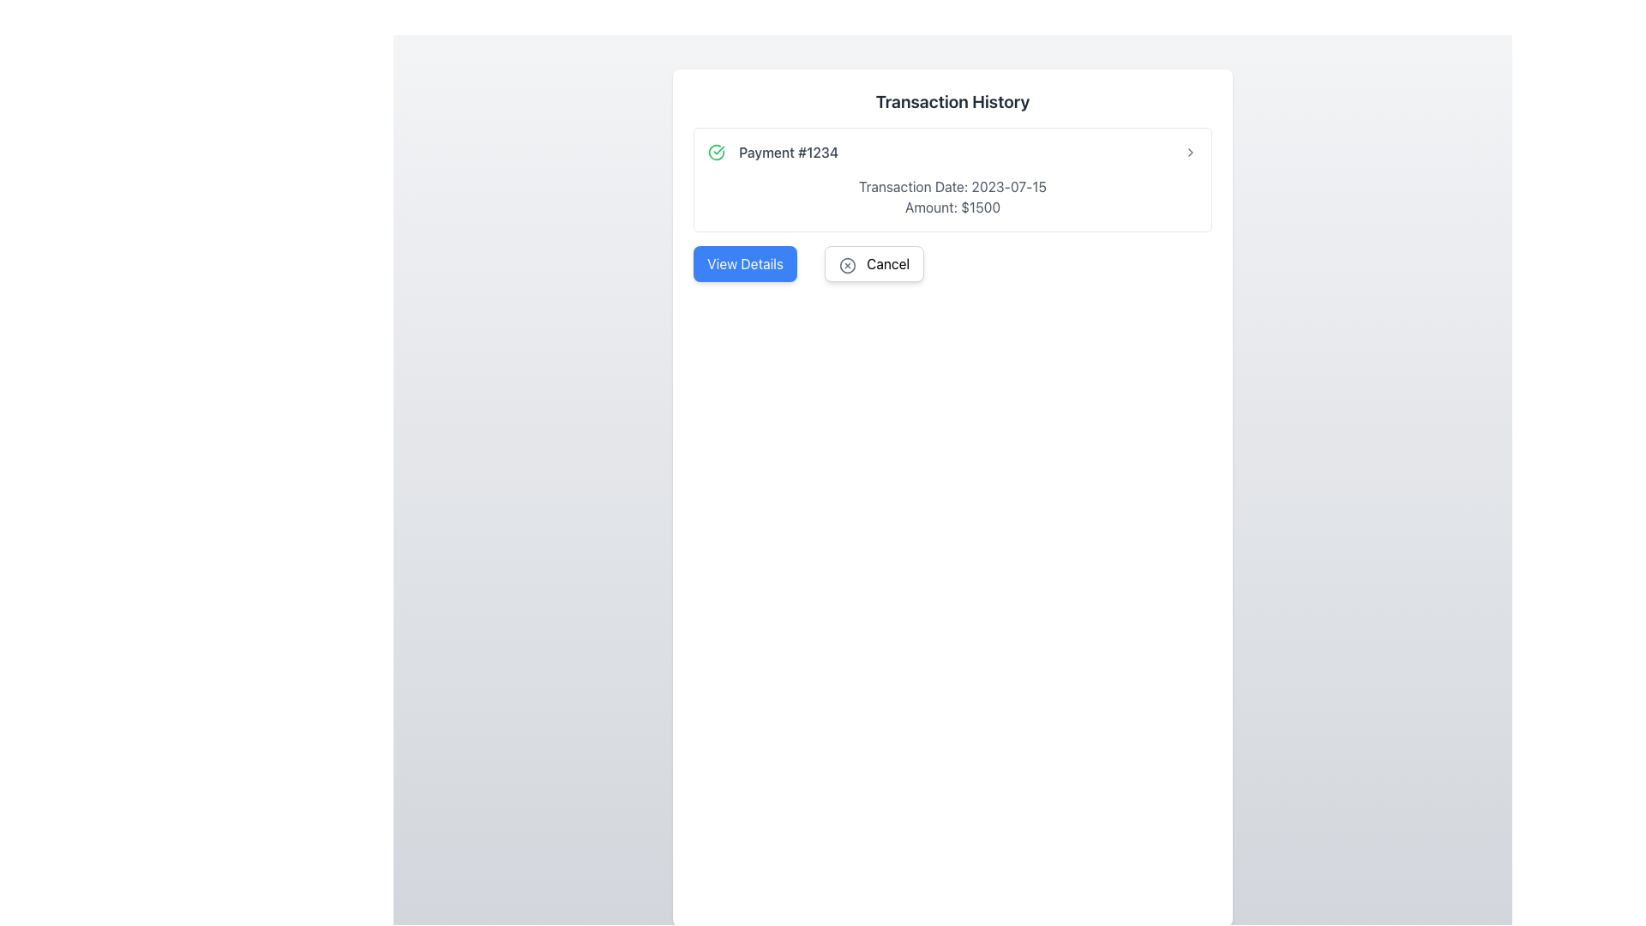 This screenshot has width=1646, height=926. What do you see at coordinates (952, 187) in the screenshot?
I see `text label displaying 'Transaction Date: 2023-07-15' which is located above the amount in the transaction history section` at bounding box center [952, 187].